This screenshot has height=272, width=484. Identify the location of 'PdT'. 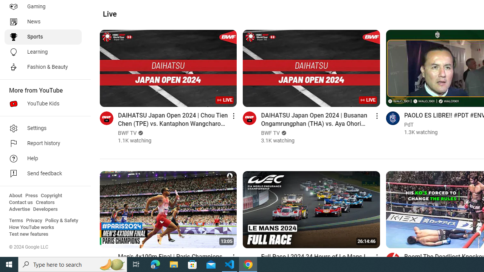
(408, 124).